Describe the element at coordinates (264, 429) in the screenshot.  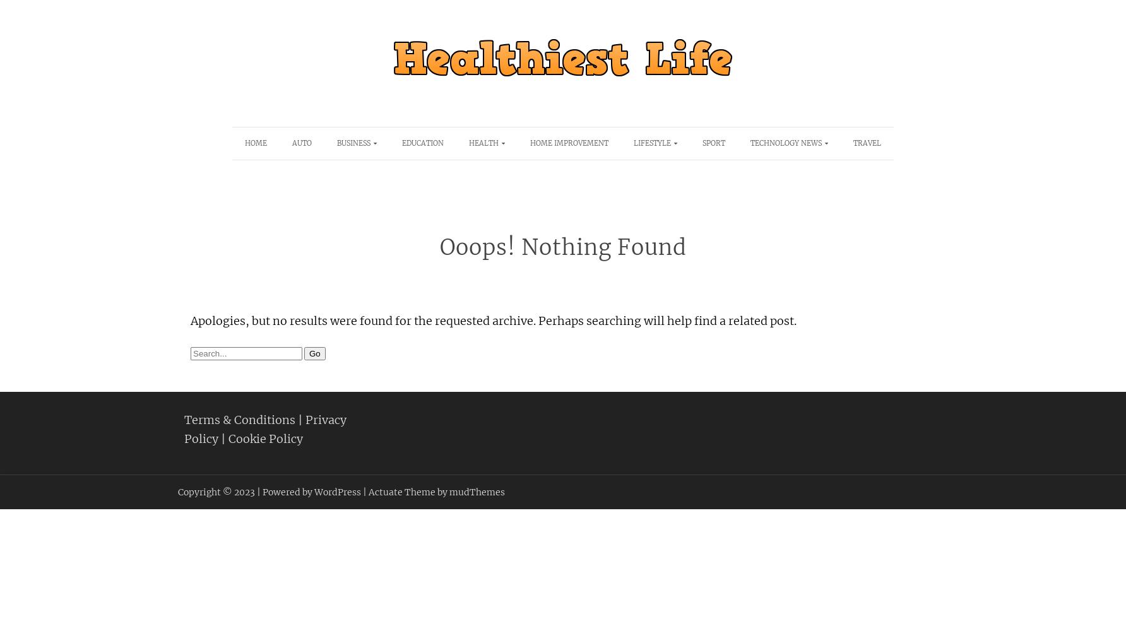
I see `'Privacy Policy'` at that location.